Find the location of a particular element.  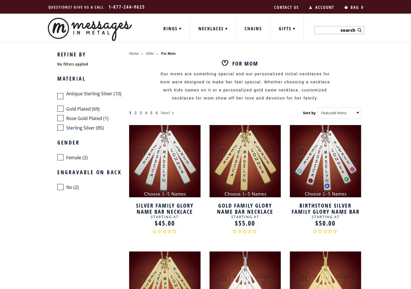

'Material' is located at coordinates (57, 78).